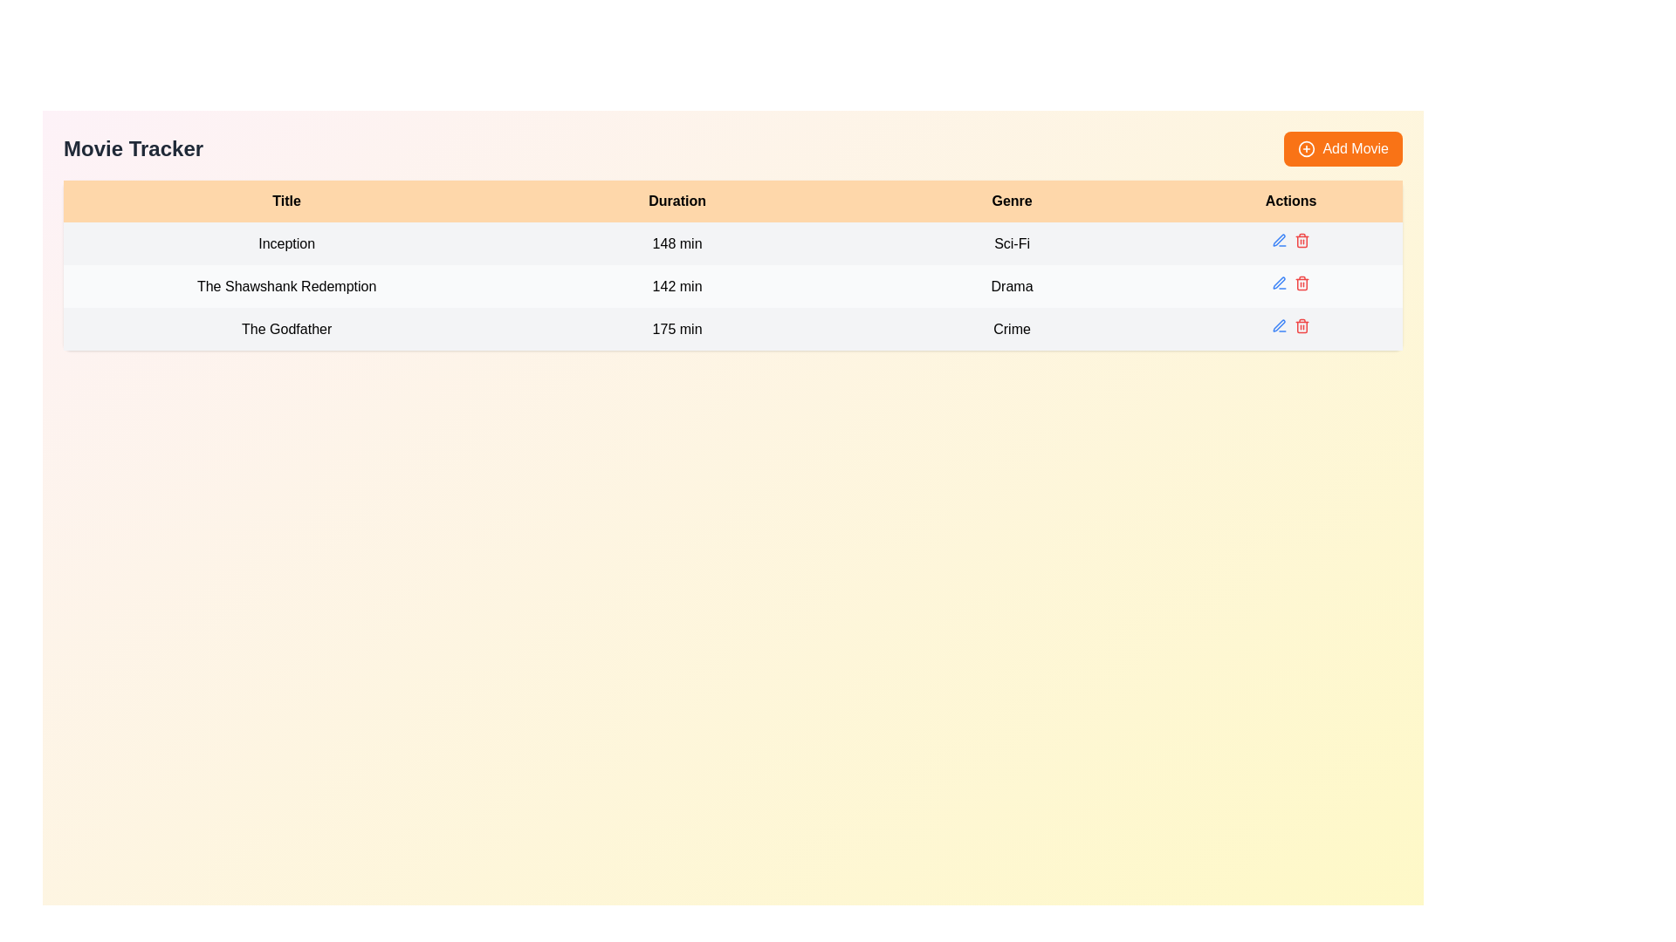 Image resolution: width=1676 pixels, height=942 pixels. Describe the element at coordinates (1012, 285) in the screenshot. I see `the text label displaying 'Drama' in the 'Genre' column of the table for 'The Shawshank Redemption'` at that location.